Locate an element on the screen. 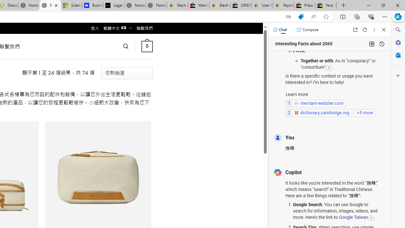 Image resolution: width=405 pixels, height=228 pixels. 'This site has coupons! Shopping in Microsoft Edge' is located at coordinates (301, 16).